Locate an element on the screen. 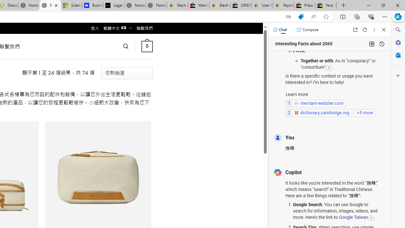 Image resolution: width=405 pixels, height=228 pixels. 'This site has coupons! Shopping in Microsoft Edge' is located at coordinates (301, 16).